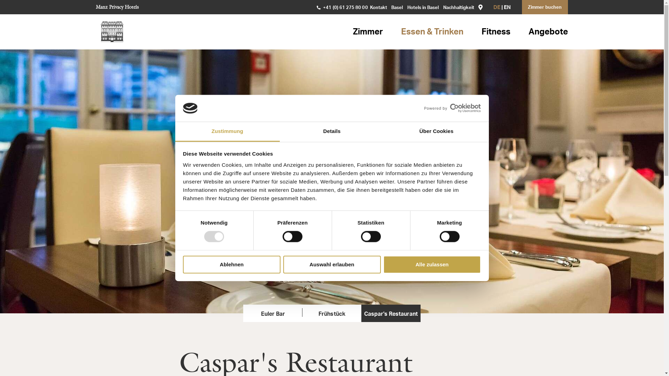 The height and width of the screenshot is (376, 669). Describe the element at coordinates (397, 8) in the screenshot. I see `'Basel'` at that location.